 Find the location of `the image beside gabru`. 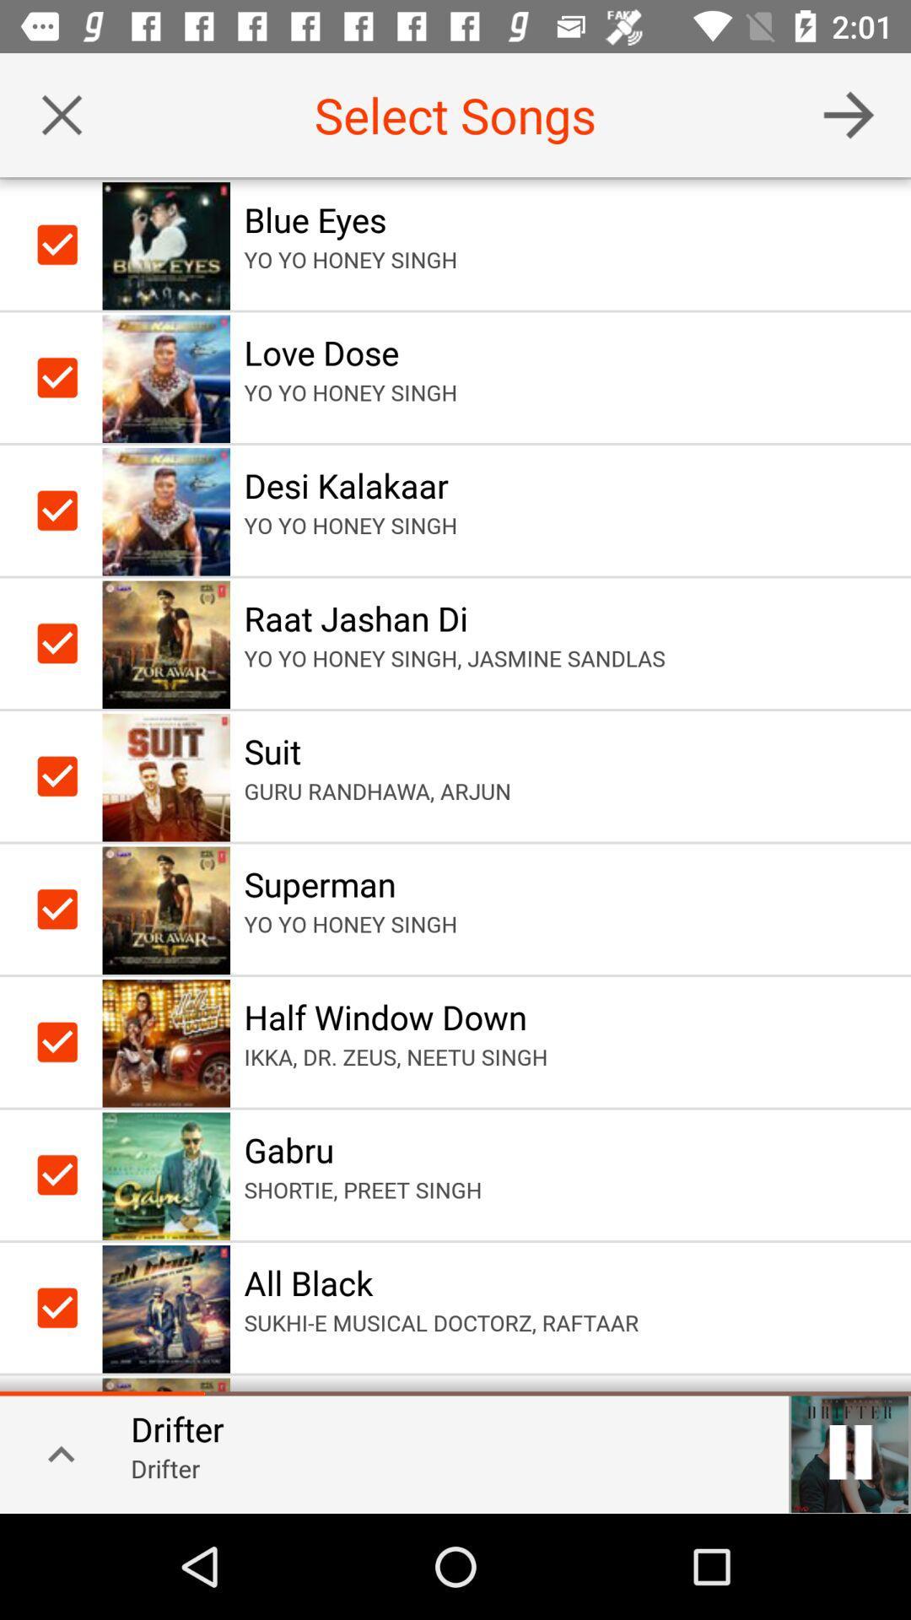

the image beside gabru is located at coordinates (166, 1174).